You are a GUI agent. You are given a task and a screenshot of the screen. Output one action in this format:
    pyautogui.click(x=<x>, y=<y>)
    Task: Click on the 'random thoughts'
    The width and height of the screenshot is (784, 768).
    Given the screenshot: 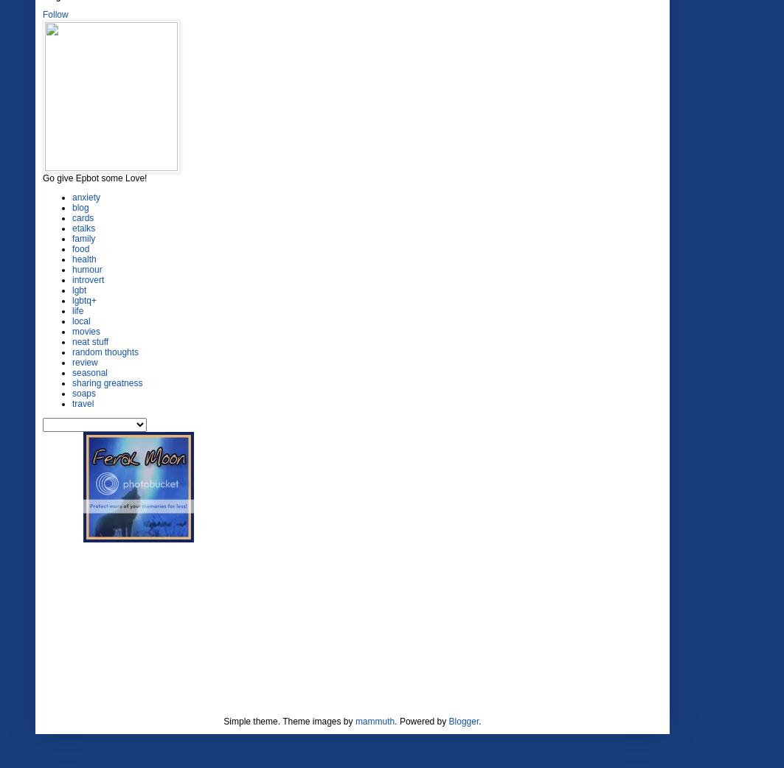 What is the action you would take?
    pyautogui.click(x=105, y=352)
    